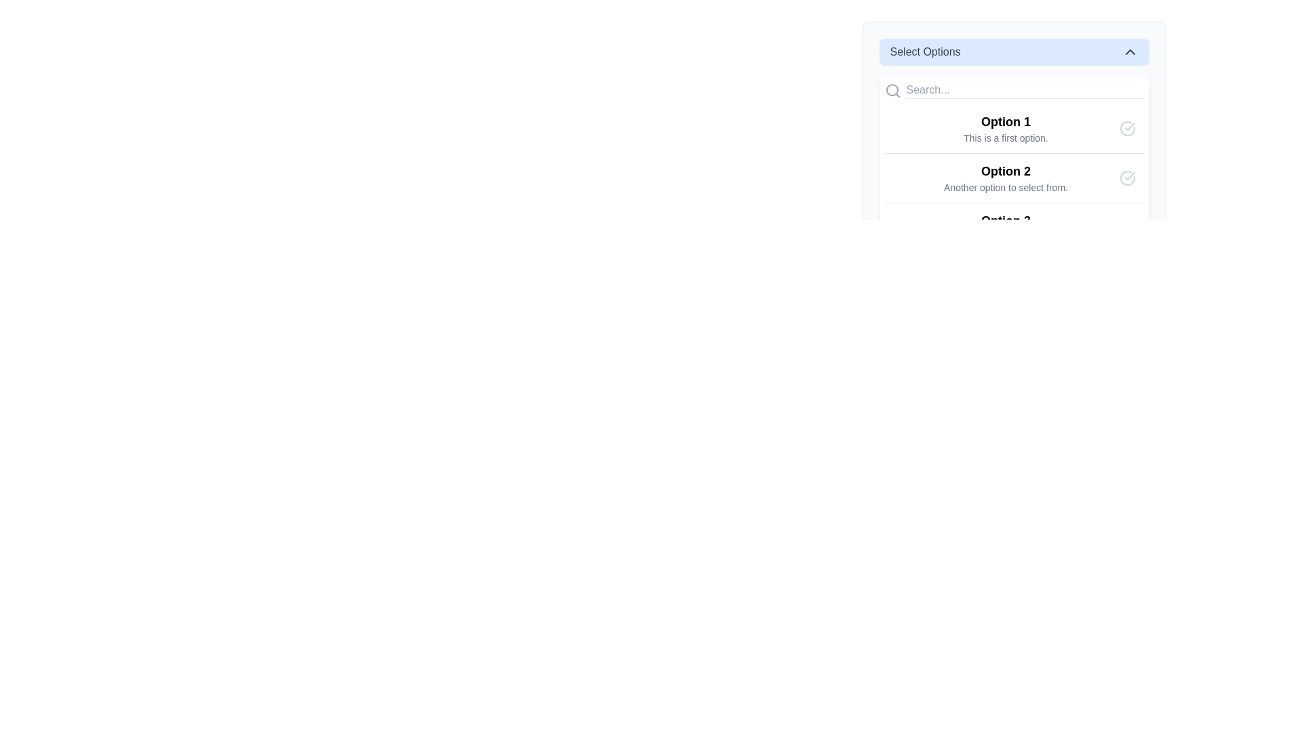 The height and width of the screenshot is (732, 1302). I want to click on the text label displaying 'Option 2', which is the second selectable option in the list beneath the header 'Select Options', so click(1006, 177).